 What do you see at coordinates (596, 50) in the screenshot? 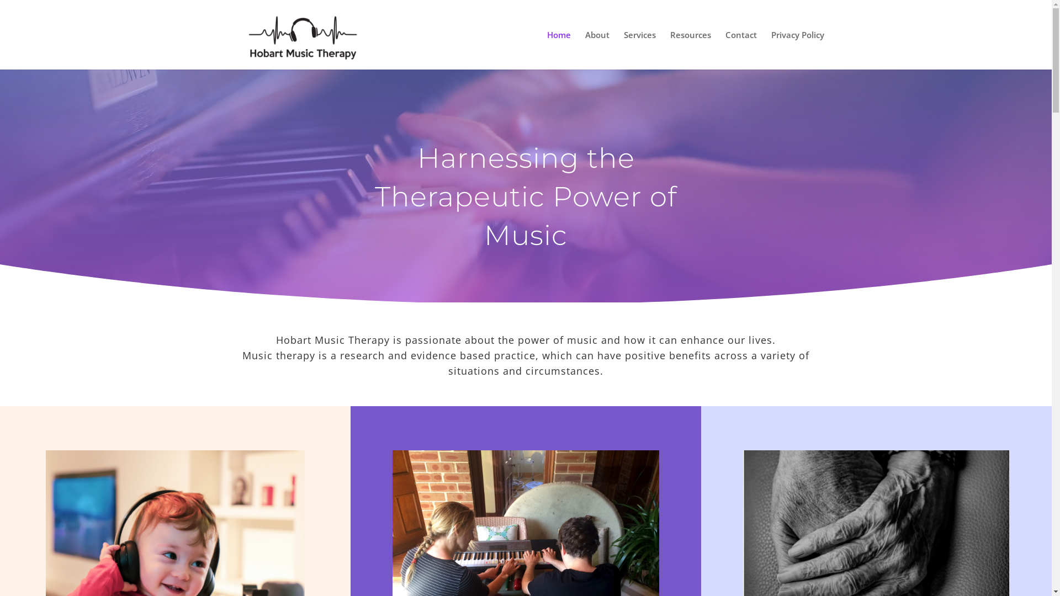
I see `'About'` at bounding box center [596, 50].